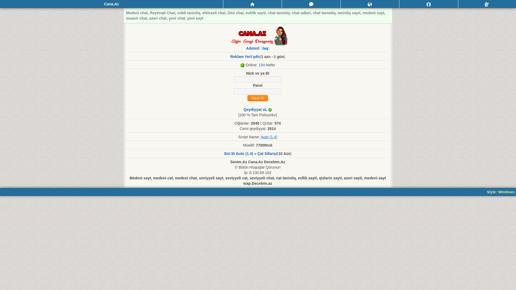  I want to click on 'Style: Windows', so click(500, 191).